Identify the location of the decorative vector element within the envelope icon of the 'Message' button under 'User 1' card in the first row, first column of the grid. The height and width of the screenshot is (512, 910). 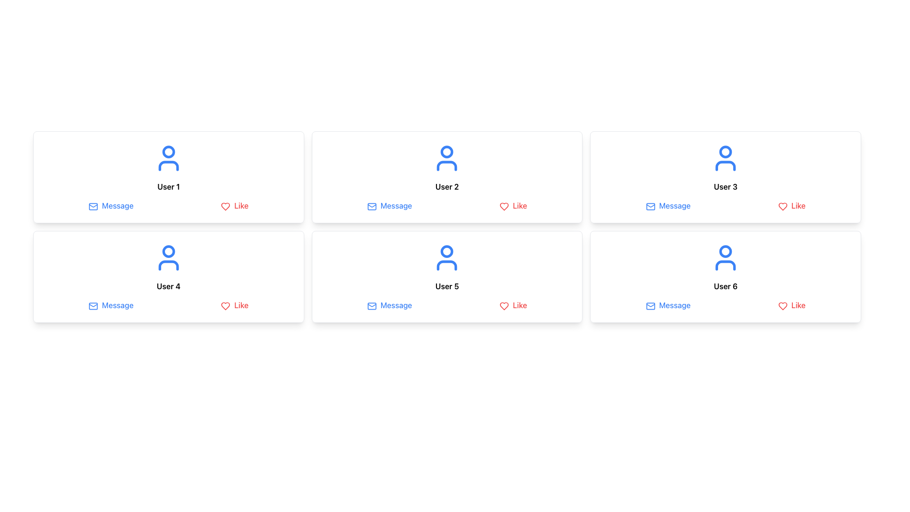
(93, 206).